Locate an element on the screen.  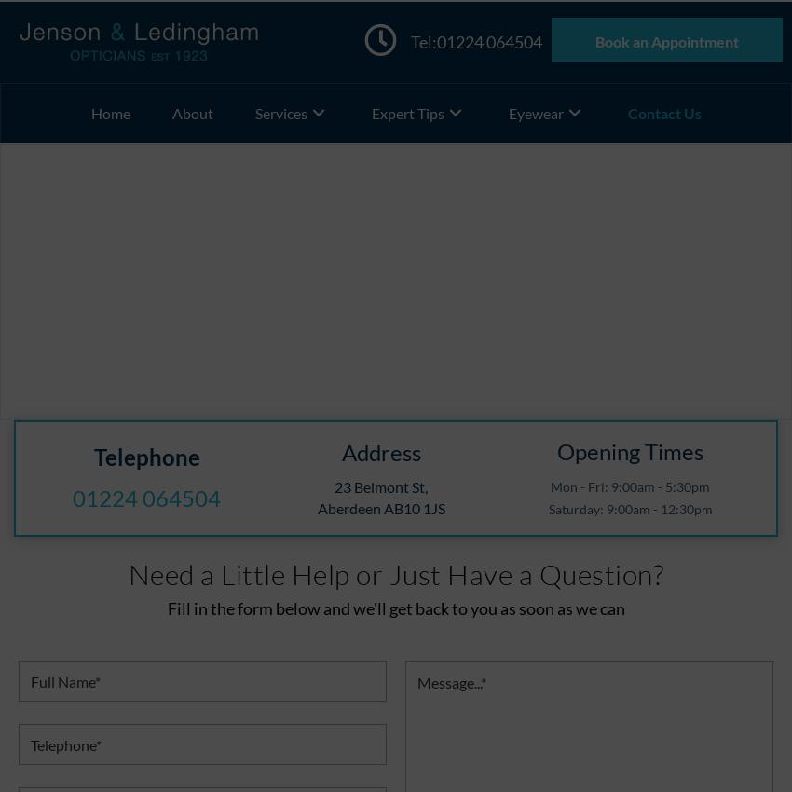
'23 Belmont St, Aberdeen AB10 1JS' is located at coordinates (380, 496).